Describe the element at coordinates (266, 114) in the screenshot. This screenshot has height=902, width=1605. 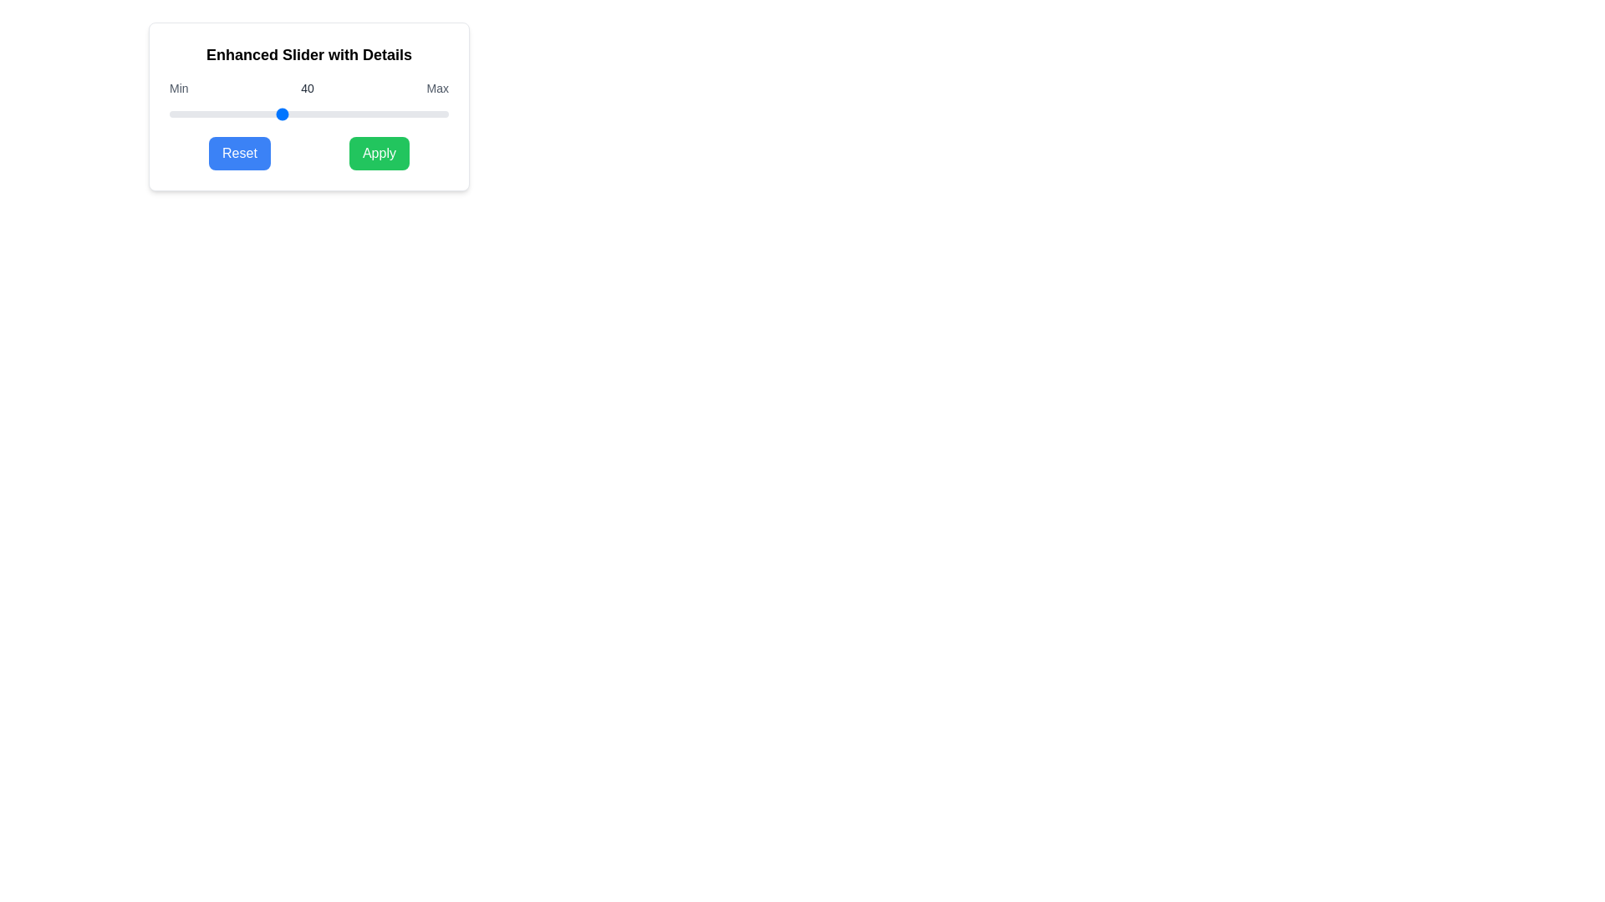
I see `the slider` at that location.